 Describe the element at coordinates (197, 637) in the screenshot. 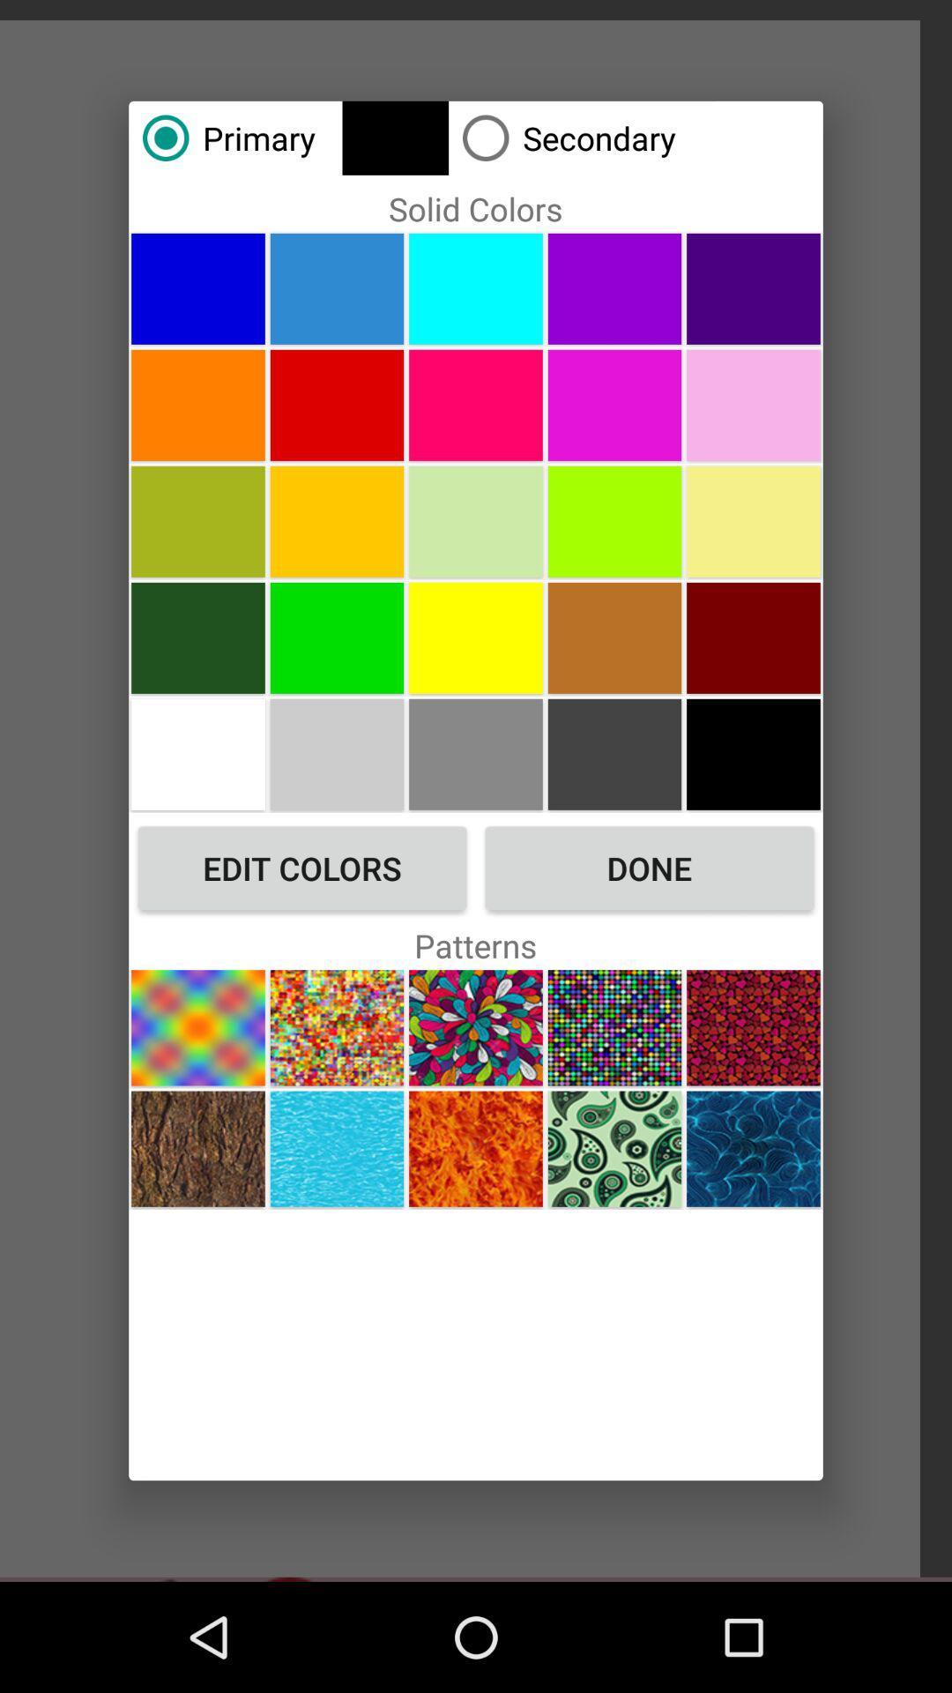

I see `choose color` at that location.